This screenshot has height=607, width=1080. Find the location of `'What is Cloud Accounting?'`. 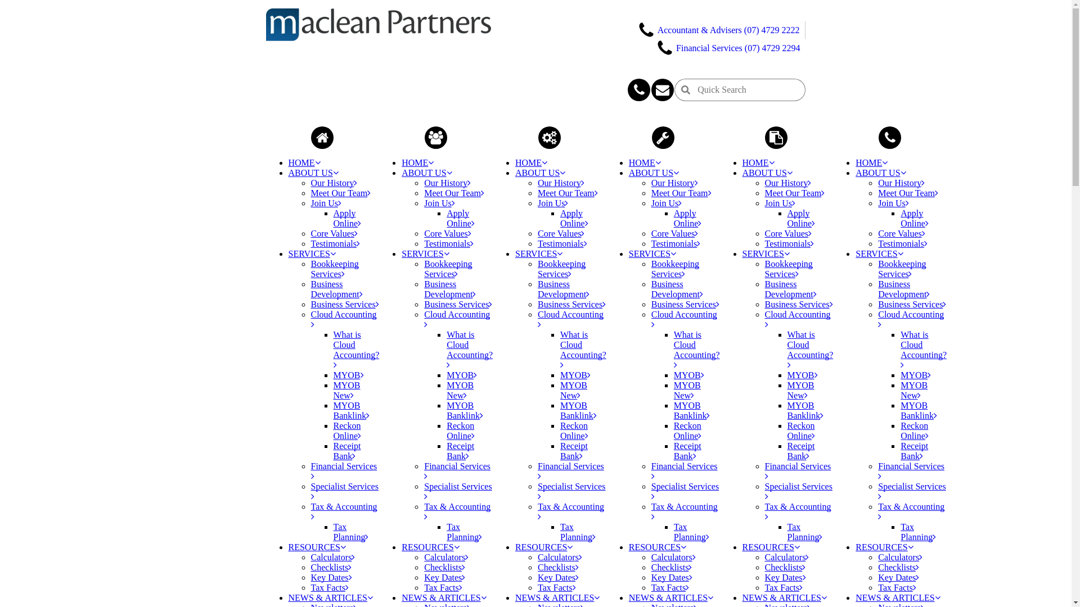

'What is Cloud Accounting?' is located at coordinates (810, 349).